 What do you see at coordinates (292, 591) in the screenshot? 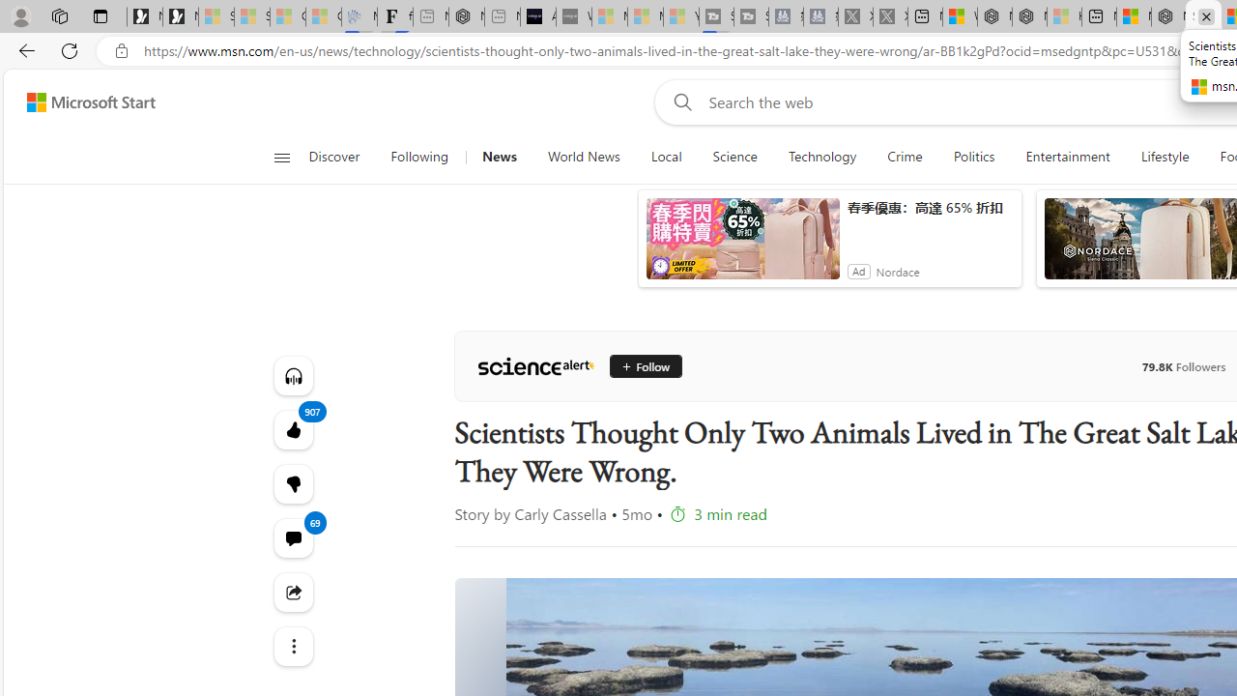
I see `'Share this story'` at bounding box center [292, 591].